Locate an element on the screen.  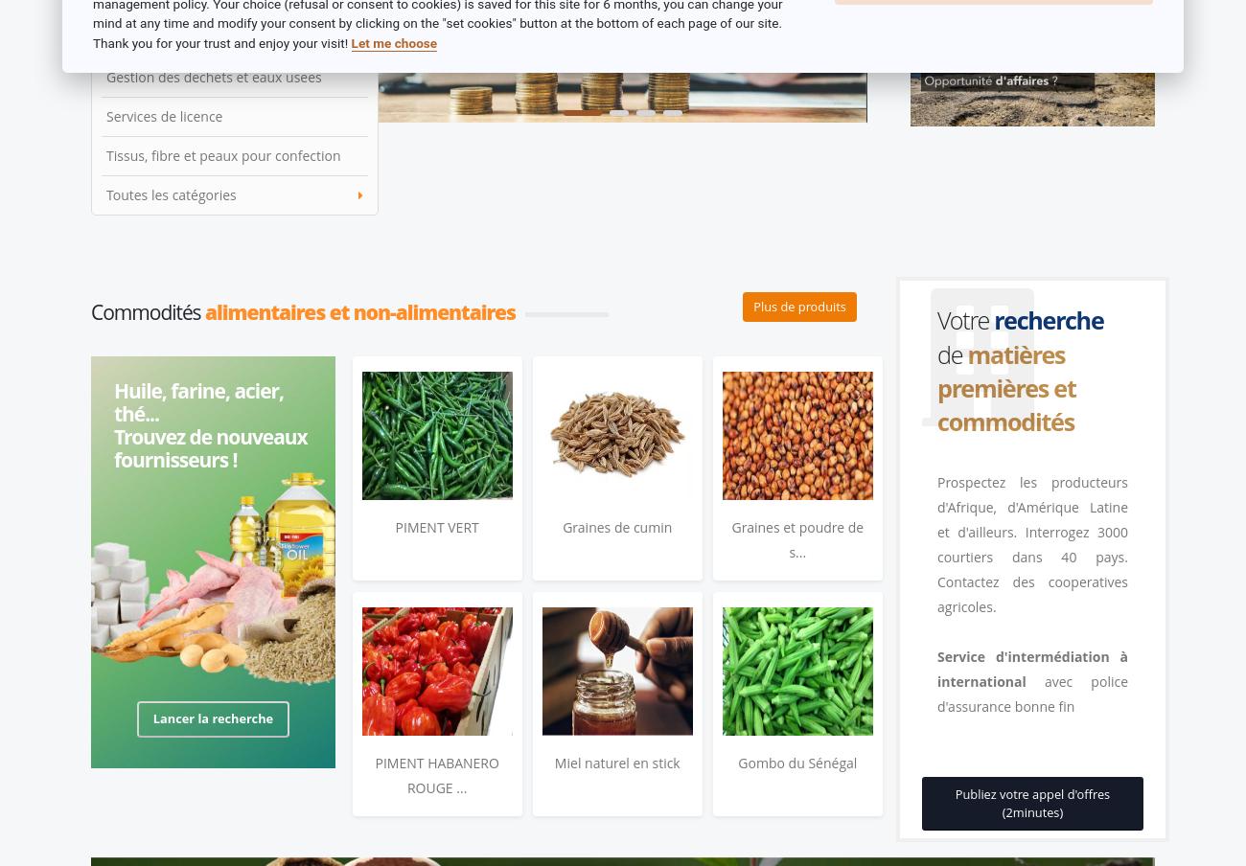
'Service d'intermédiation à international' is located at coordinates (935, 667).